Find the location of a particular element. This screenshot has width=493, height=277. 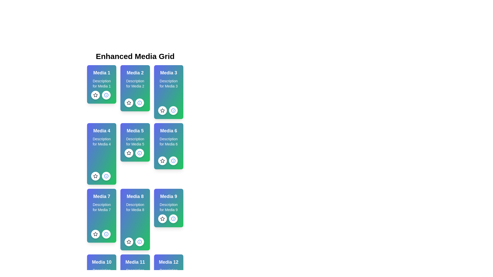

the favorite button with an embedded star icon located in the 'Media 5' card is located at coordinates (129, 153).